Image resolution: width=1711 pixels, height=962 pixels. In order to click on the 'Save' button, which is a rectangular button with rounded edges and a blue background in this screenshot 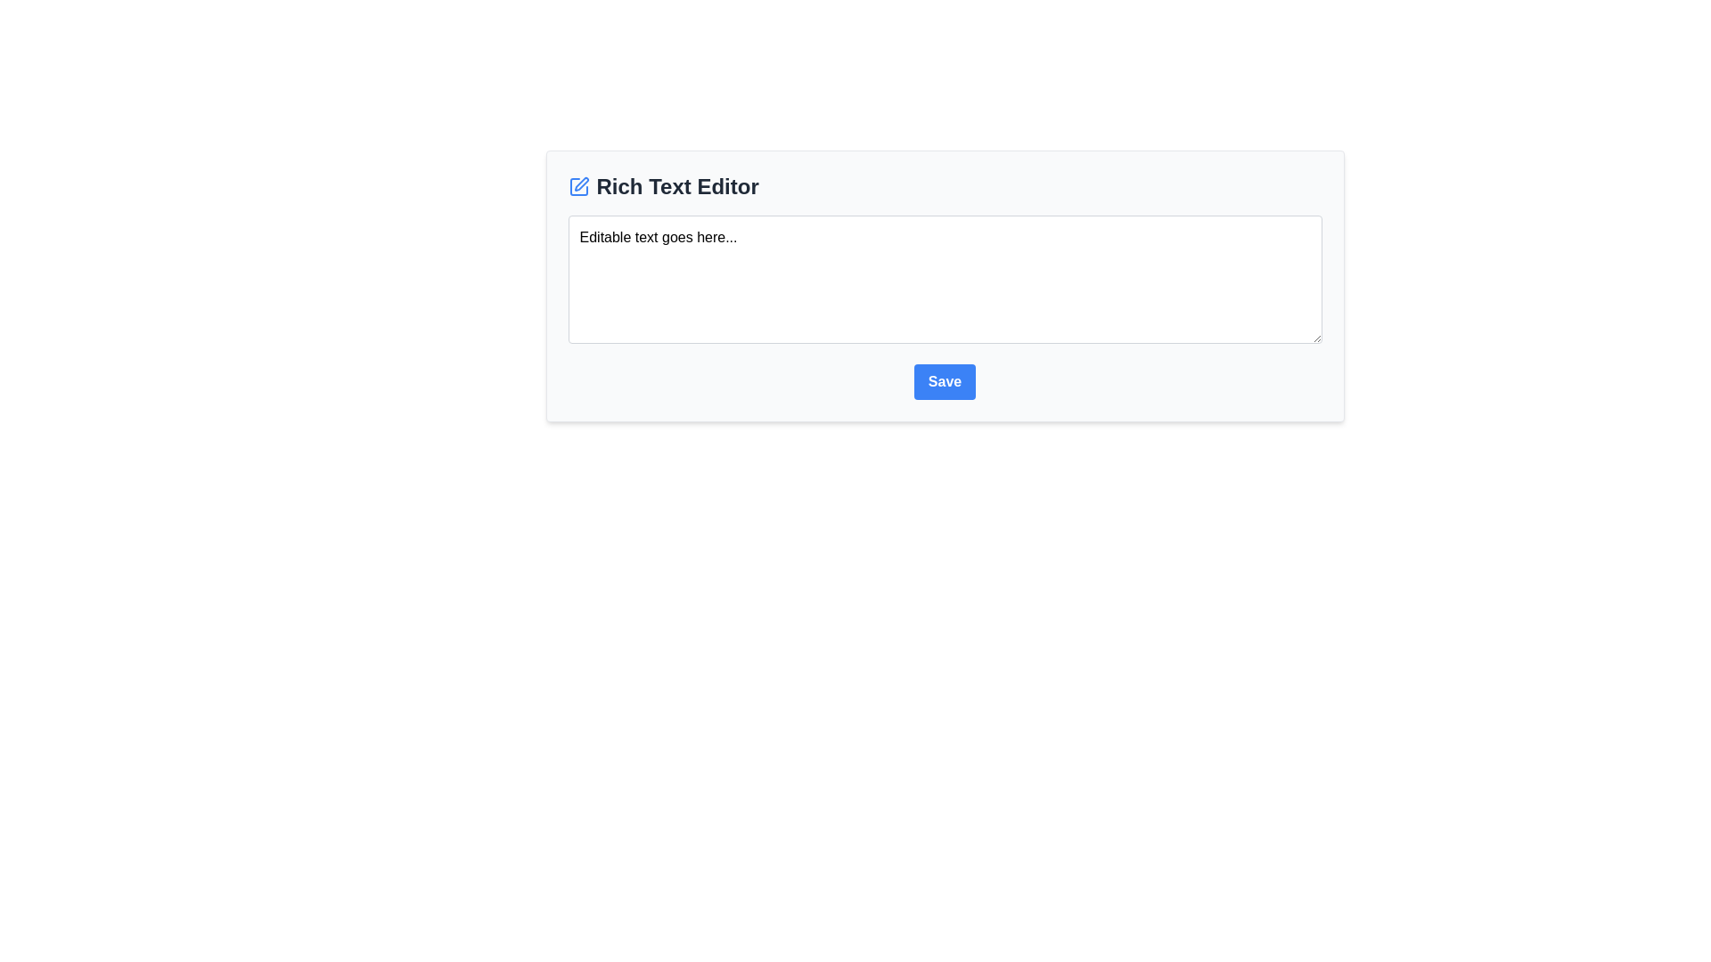, I will do `click(944, 380)`.